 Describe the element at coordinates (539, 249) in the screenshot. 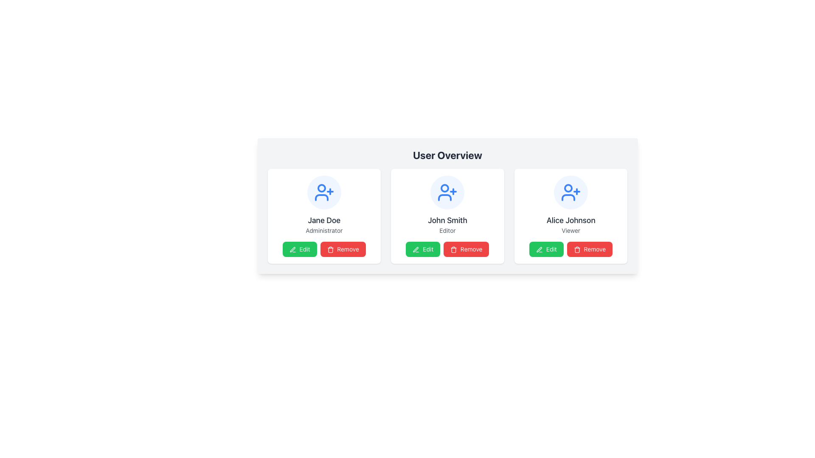

I see `the edit icon located within the green 'Edit' button of Alice Johnson's user card in the user overview section` at that location.